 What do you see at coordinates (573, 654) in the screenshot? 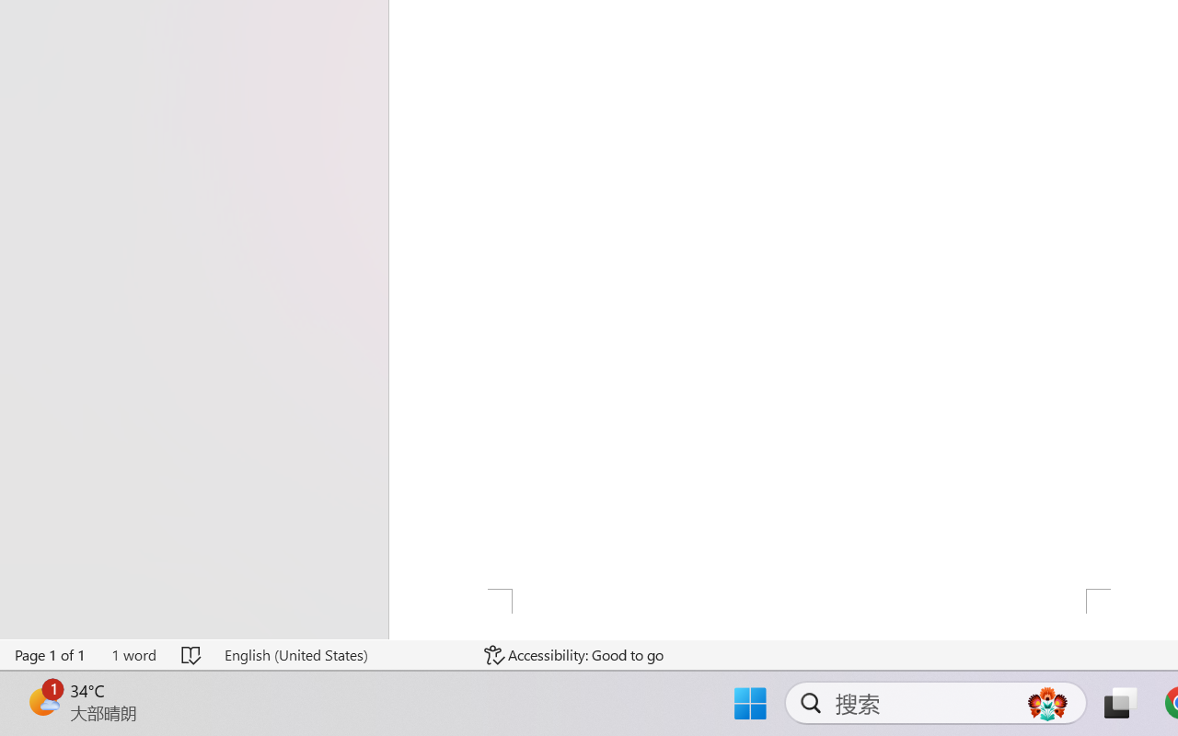
I see `'Accessibility Checker Accessibility: Good to go'` at bounding box center [573, 654].